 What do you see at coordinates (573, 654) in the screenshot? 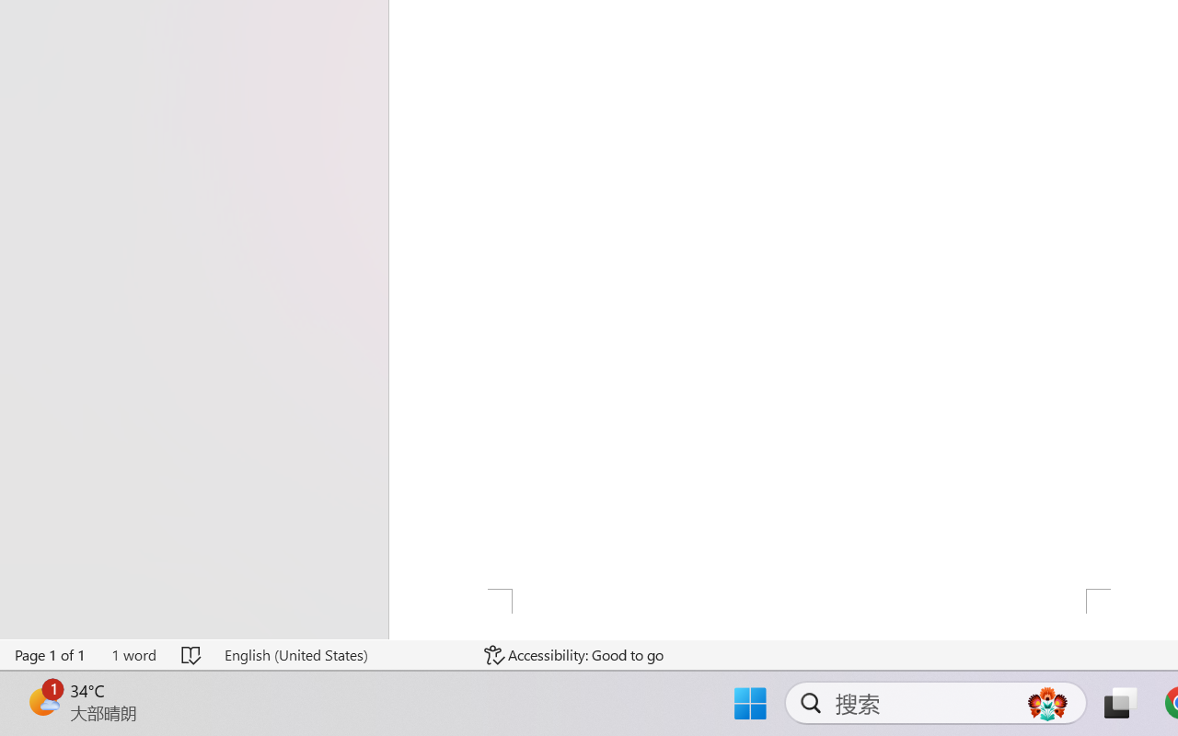
I see `'Accessibility Checker Accessibility: Good to go'` at bounding box center [573, 654].